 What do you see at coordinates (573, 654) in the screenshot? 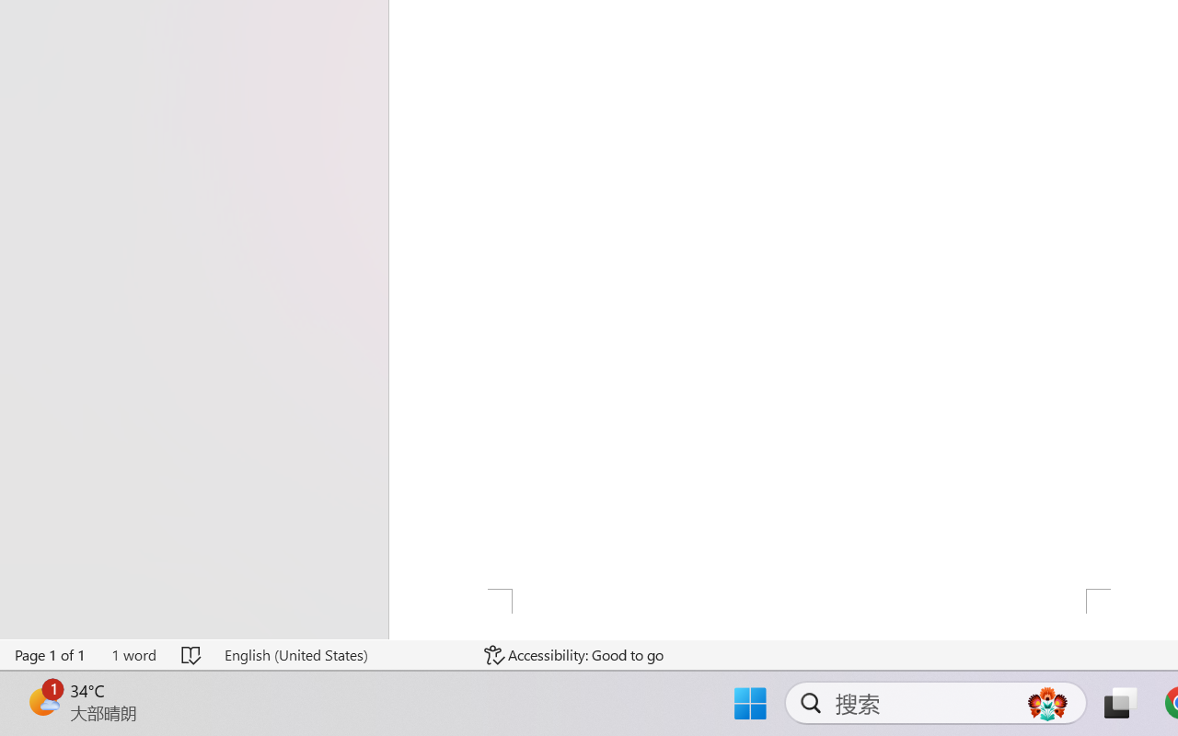
I see `'Accessibility Checker Accessibility: Good to go'` at bounding box center [573, 654].